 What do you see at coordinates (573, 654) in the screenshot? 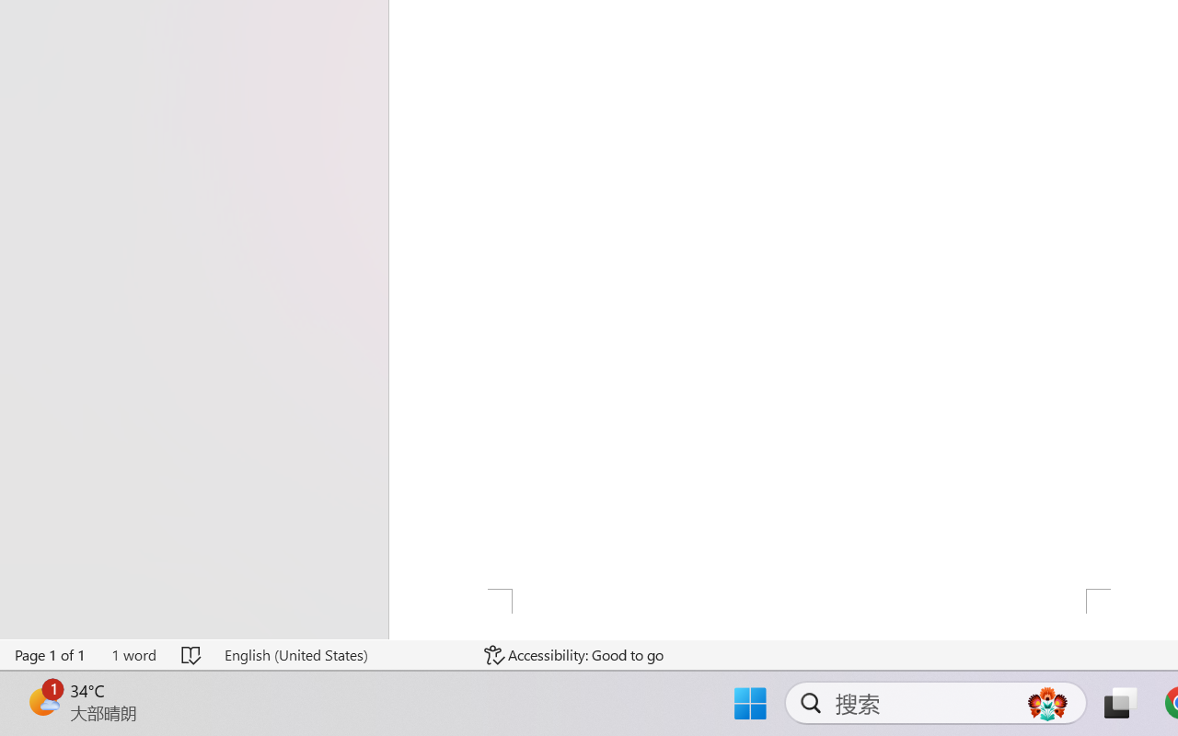
I see `'Accessibility Checker Accessibility: Good to go'` at bounding box center [573, 654].